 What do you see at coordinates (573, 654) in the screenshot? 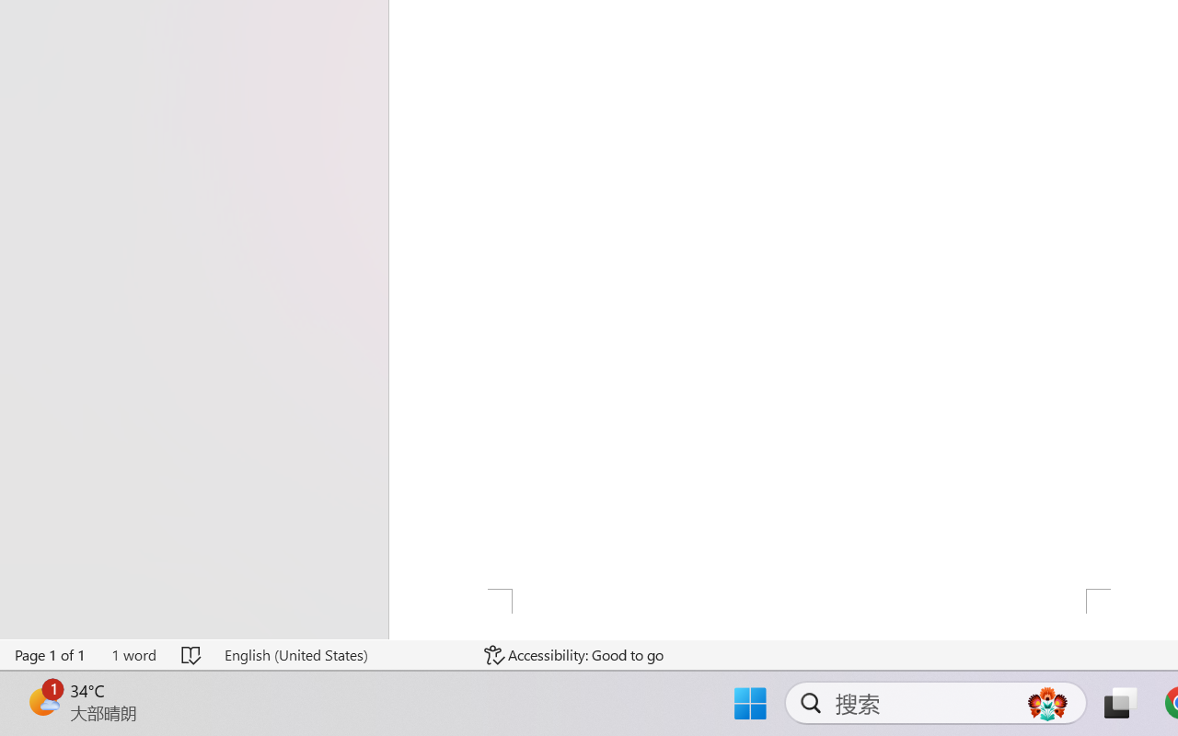
I see `'Accessibility Checker Accessibility: Good to go'` at bounding box center [573, 654].